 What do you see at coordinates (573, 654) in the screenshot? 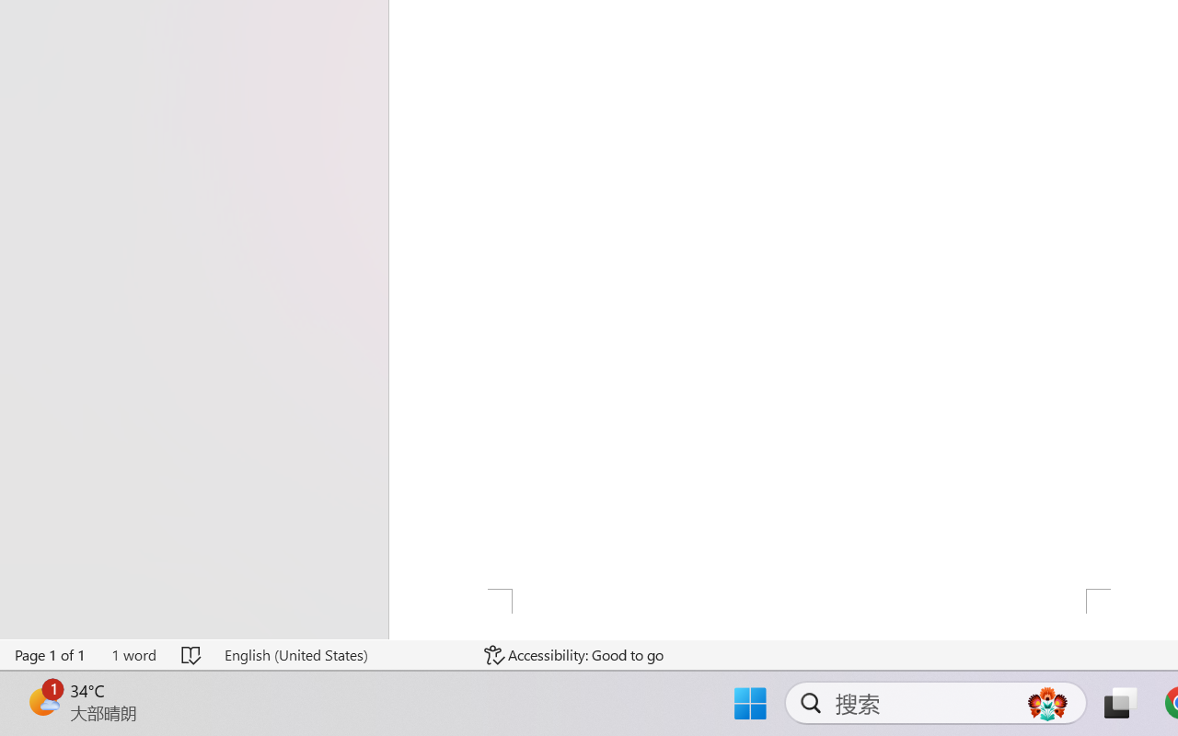
I see `'Accessibility Checker Accessibility: Good to go'` at bounding box center [573, 654].